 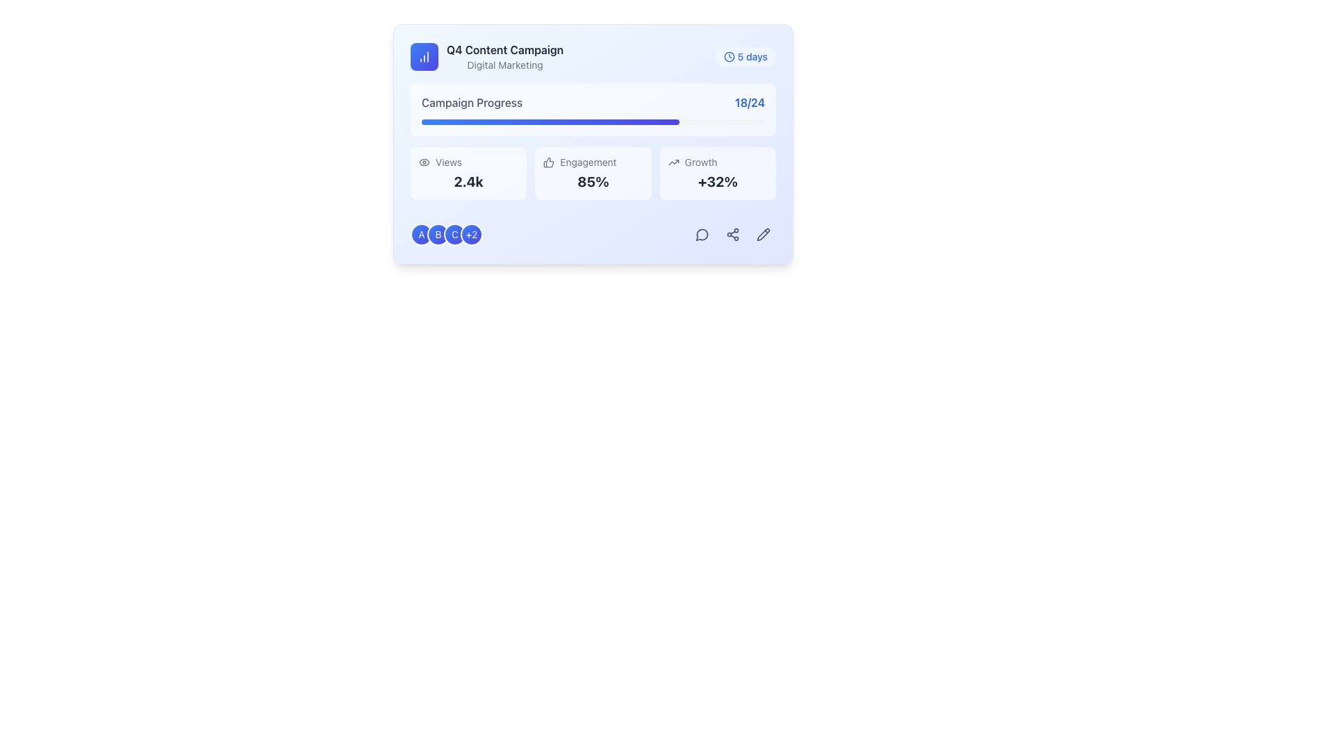 What do you see at coordinates (749, 101) in the screenshot?
I see `the blue-colored text label displaying '18/24', which is bold and located to the right of the 'Campaign Progress' text and above the progress bar` at bounding box center [749, 101].